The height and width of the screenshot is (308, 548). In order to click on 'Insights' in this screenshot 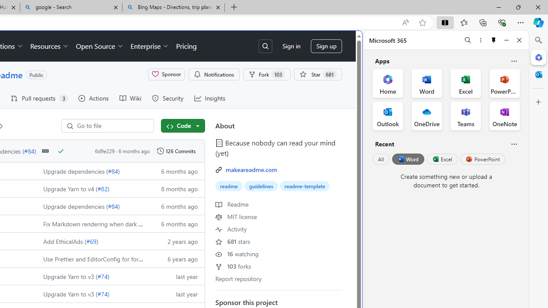, I will do `click(210, 98)`.